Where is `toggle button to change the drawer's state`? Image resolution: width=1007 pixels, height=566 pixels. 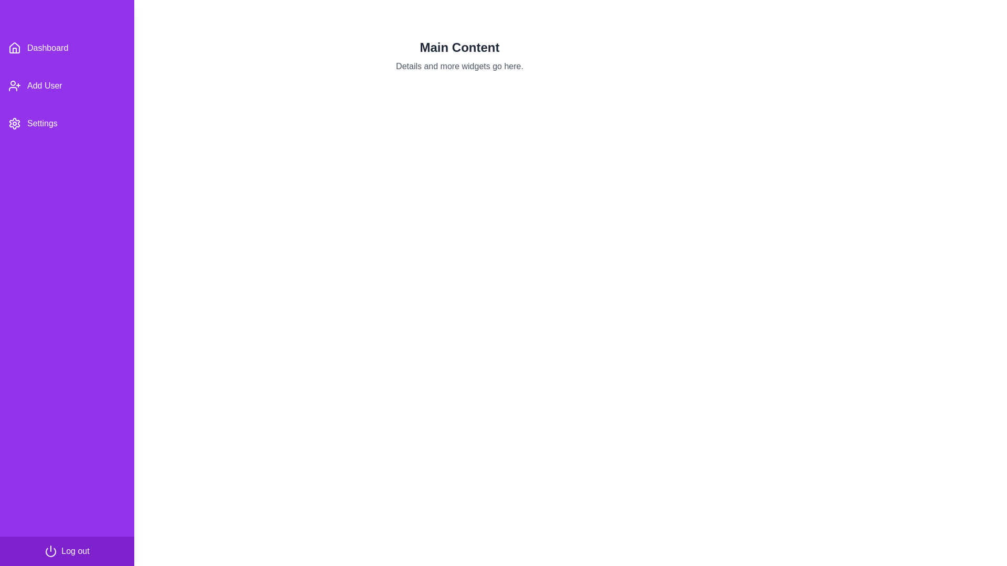
toggle button to change the drawer's state is located at coordinates (23, 18).